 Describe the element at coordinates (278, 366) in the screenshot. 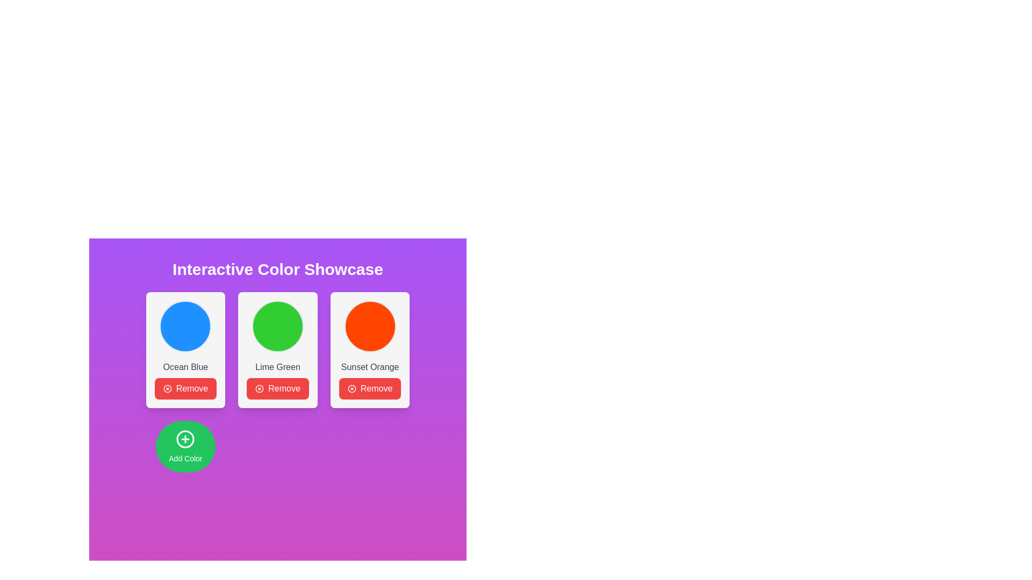

I see `text from the label that describes the associated green color in the middle card, located below the green circular area and above the red 'Remove' button` at that location.